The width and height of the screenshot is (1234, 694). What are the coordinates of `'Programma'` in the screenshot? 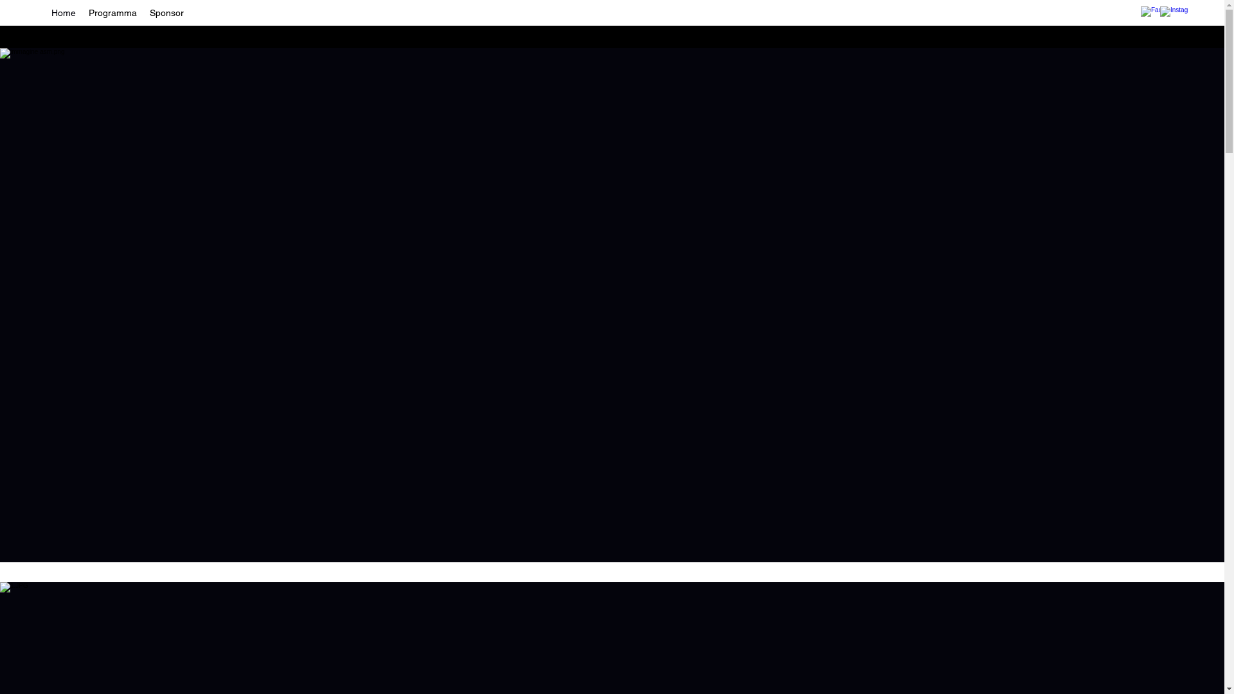 It's located at (112, 12).